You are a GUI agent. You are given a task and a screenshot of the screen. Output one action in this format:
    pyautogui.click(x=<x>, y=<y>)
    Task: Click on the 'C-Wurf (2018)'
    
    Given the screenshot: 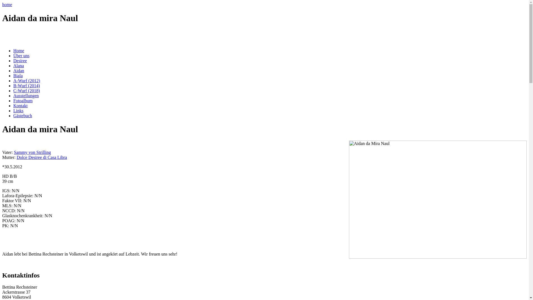 What is the action you would take?
    pyautogui.click(x=26, y=90)
    